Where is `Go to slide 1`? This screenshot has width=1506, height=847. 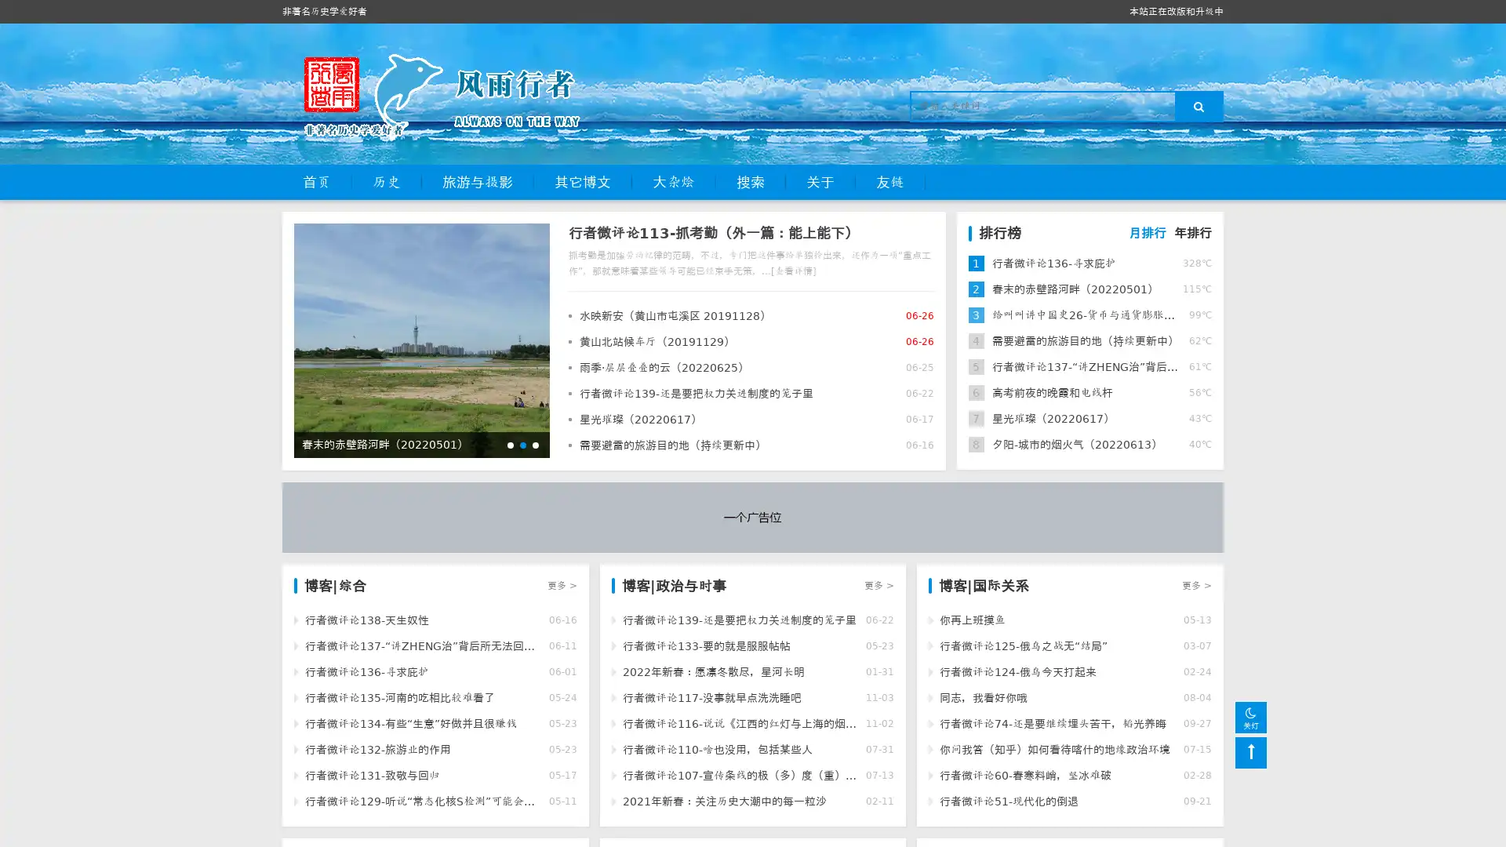
Go to slide 1 is located at coordinates (509, 445).